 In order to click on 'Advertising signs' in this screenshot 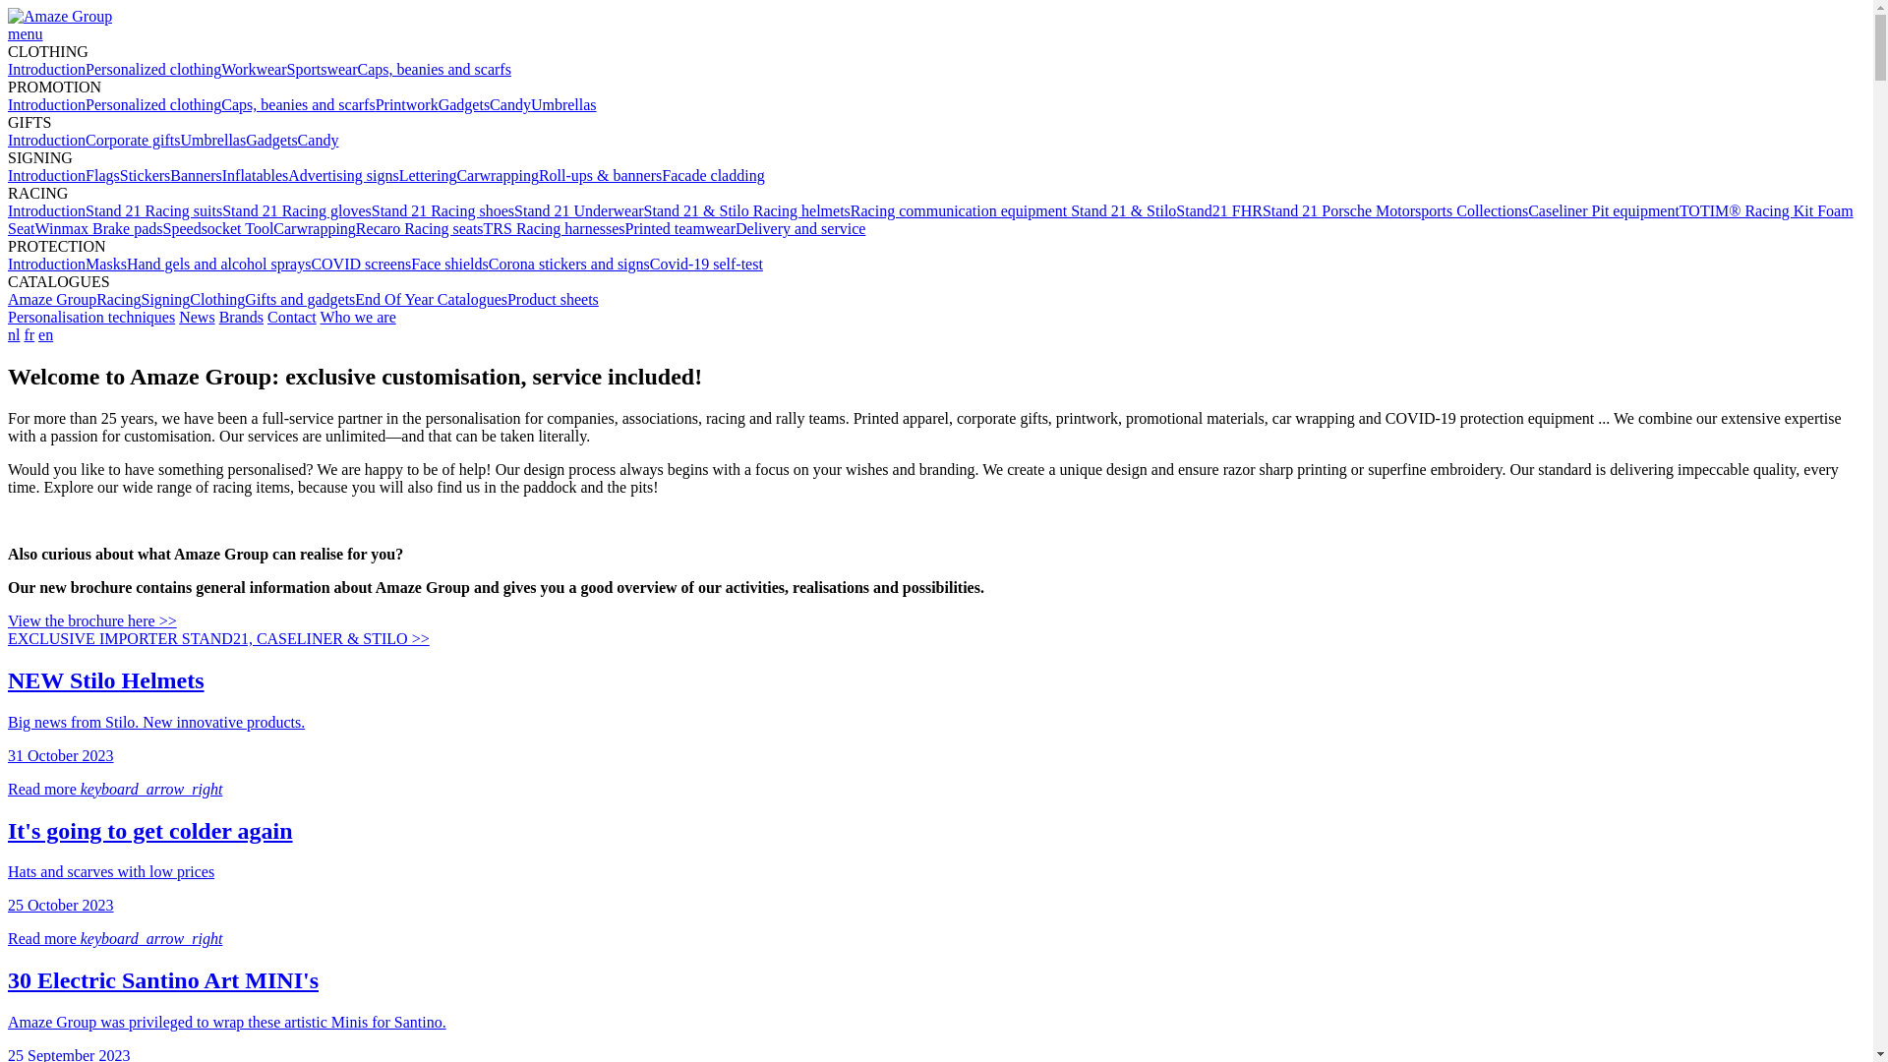, I will do `click(343, 174)`.